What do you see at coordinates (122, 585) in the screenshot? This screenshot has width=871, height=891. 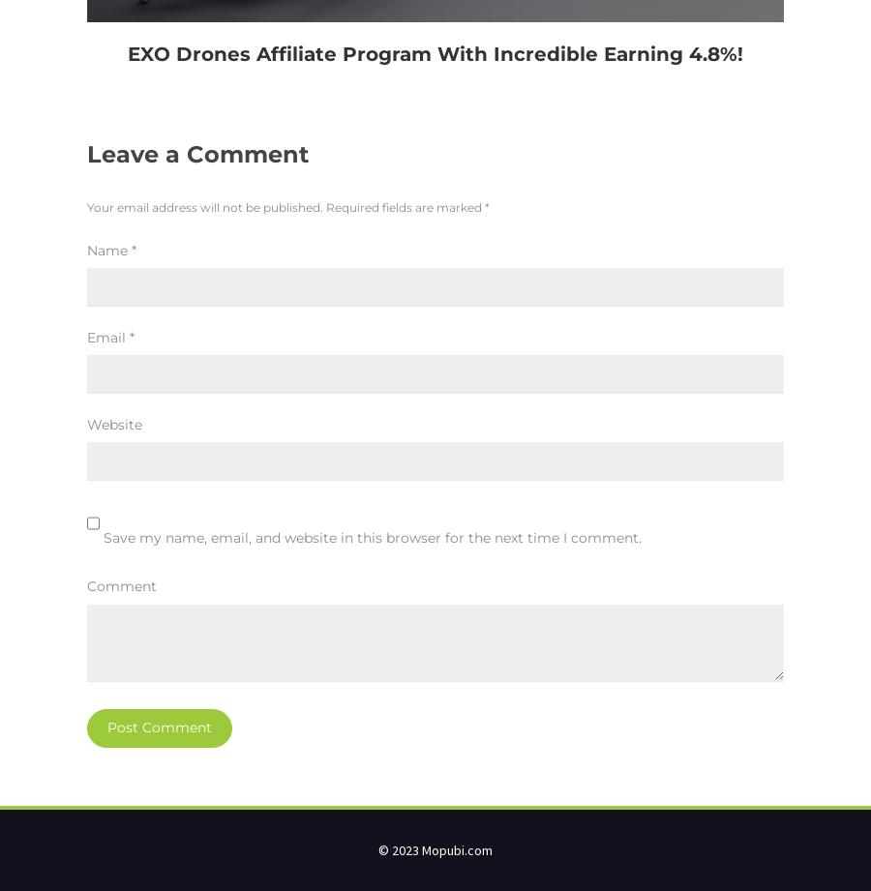 I see `'Comment'` at bounding box center [122, 585].